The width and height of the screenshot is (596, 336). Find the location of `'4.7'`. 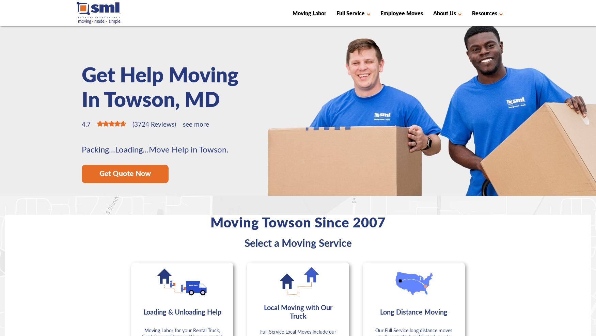

'4.7' is located at coordinates (86, 124).